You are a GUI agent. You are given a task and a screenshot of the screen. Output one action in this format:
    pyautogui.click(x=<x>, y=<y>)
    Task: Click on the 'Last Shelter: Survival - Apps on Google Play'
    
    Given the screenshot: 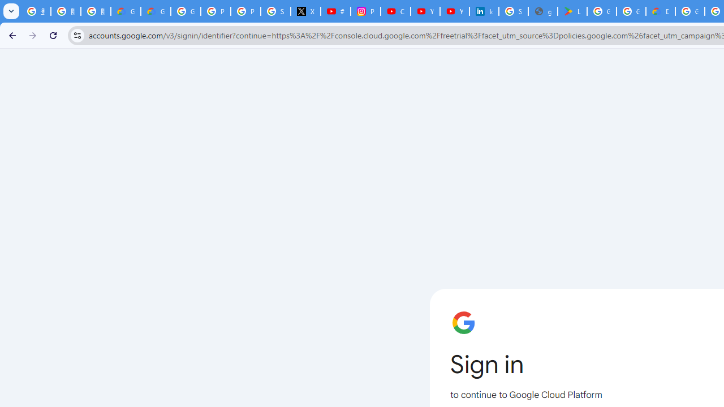 What is the action you would take?
    pyautogui.click(x=572, y=11)
    